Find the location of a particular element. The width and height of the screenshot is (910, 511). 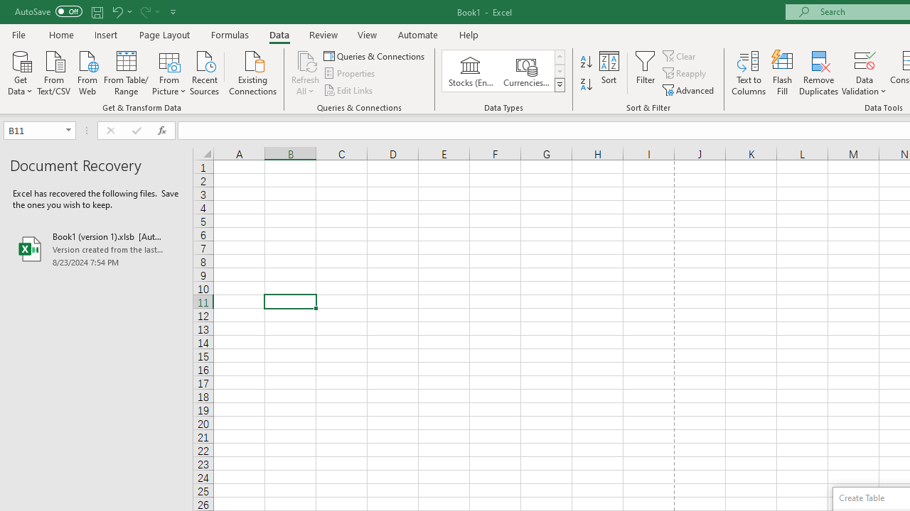

'Stocks (English)' is located at coordinates (471, 71).